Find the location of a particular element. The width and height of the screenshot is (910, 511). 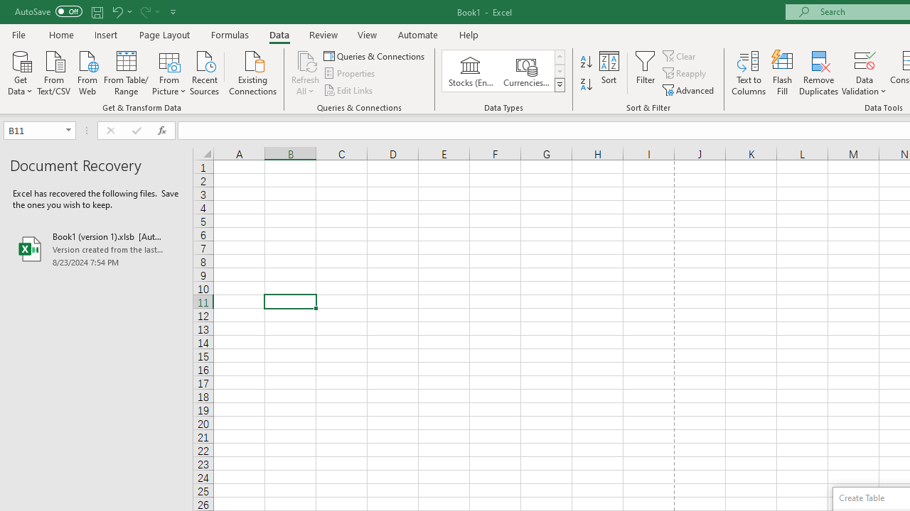

'Stocks (English)' is located at coordinates (471, 71).